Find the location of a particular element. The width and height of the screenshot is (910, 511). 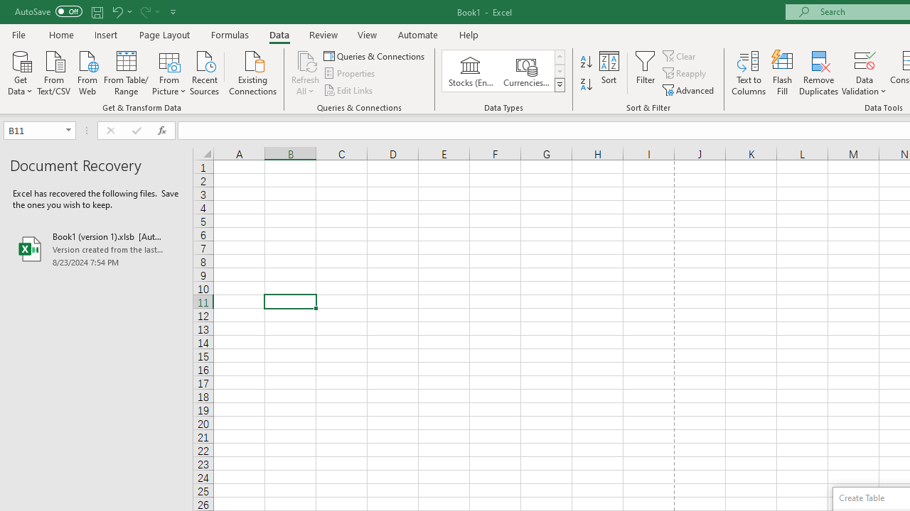

'Stocks (English)' is located at coordinates (471, 71).